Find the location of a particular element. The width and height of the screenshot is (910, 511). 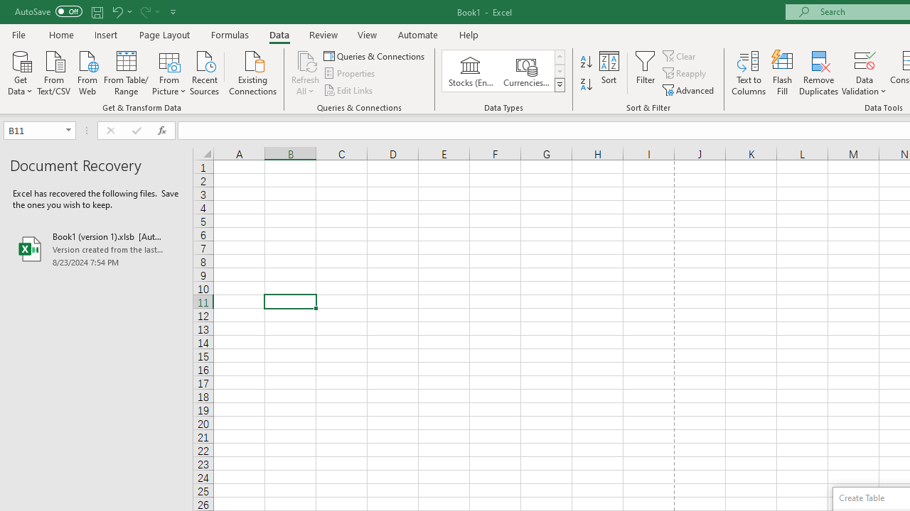

'Stocks (English)' is located at coordinates (471, 71).